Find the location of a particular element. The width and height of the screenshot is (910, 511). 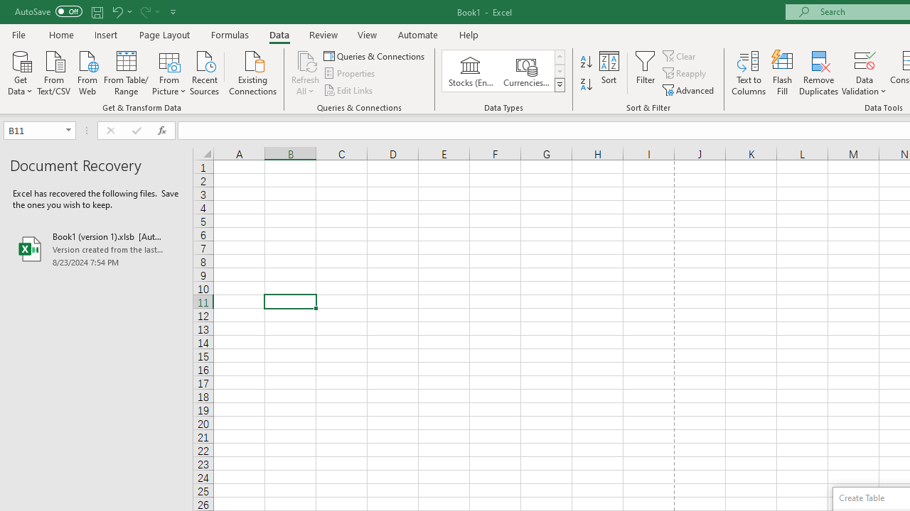

'Stocks (English)' is located at coordinates (471, 71).